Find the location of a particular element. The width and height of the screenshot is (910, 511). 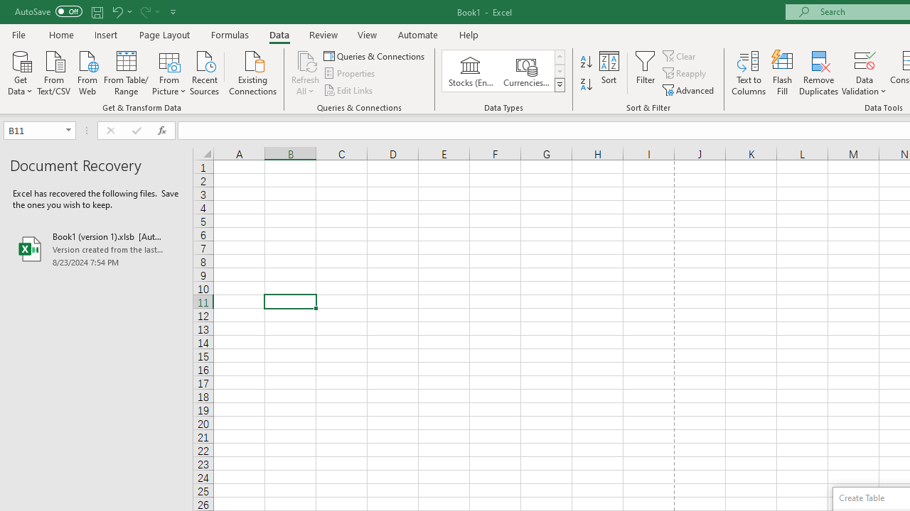

'Stocks (English)' is located at coordinates (471, 71).